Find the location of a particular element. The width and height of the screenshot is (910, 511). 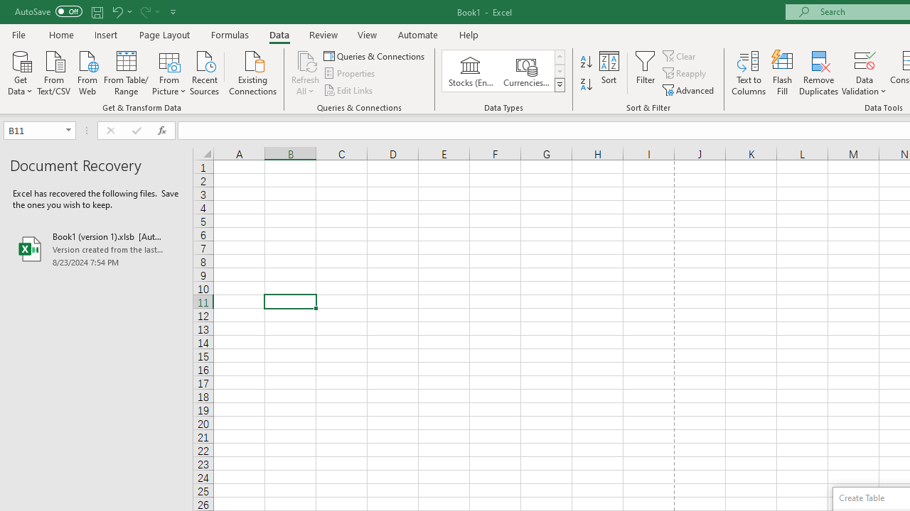

'Stocks (English)' is located at coordinates (471, 71).